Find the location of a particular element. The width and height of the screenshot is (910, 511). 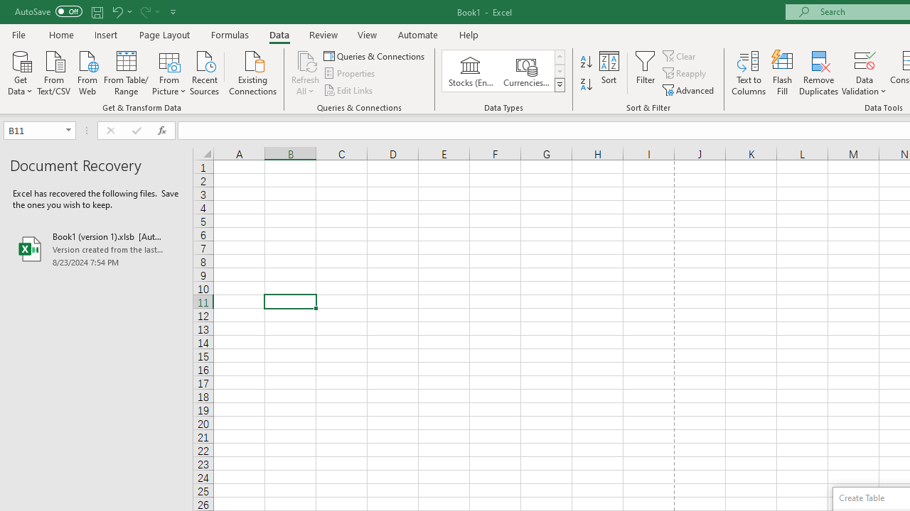

'Stocks (English)' is located at coordinates (471, 71).